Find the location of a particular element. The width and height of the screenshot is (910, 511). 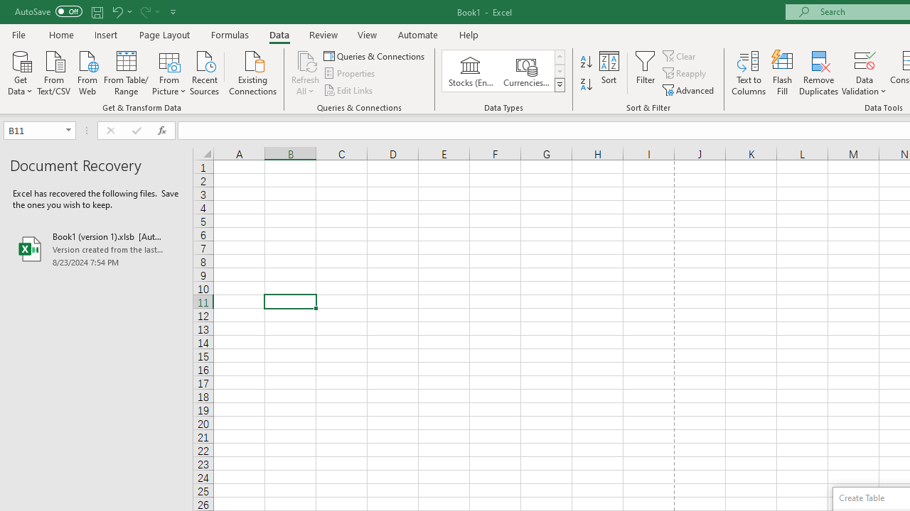

'Stocks (English)' is located at coordinates (471, 71).